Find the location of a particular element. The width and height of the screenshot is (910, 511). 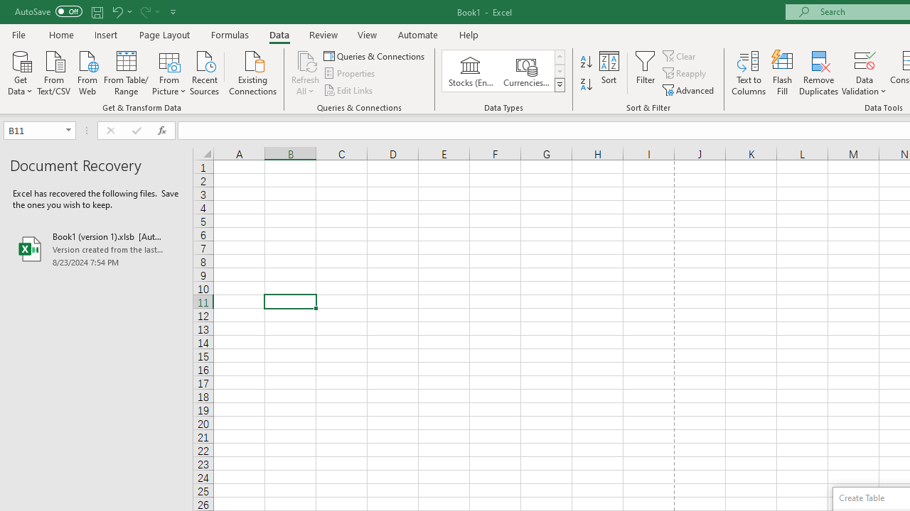

'Stocks (English)' is located at coordinates (471, 71).